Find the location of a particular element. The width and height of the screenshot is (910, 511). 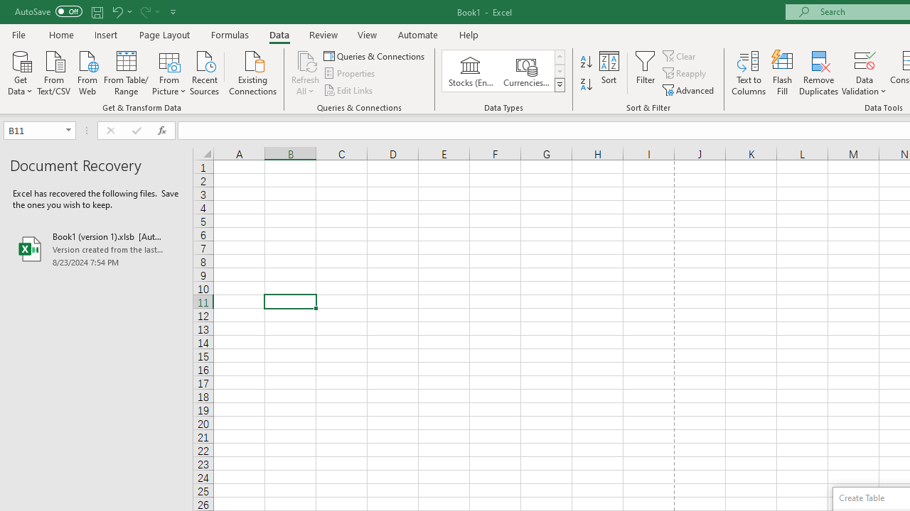

'Stocks (English)' is located at coordinates (471, 71).